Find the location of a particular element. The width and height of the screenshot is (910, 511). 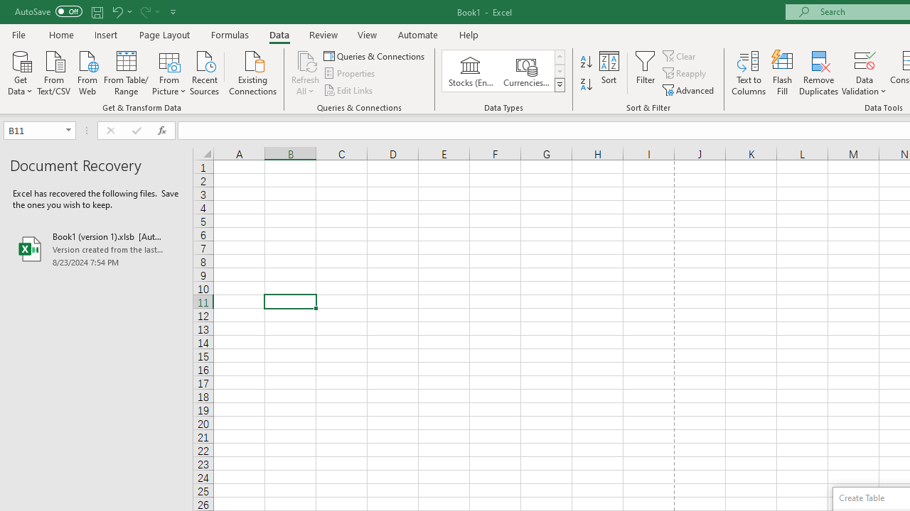

'Stocks (English)' is located at coordinates (471, 71).